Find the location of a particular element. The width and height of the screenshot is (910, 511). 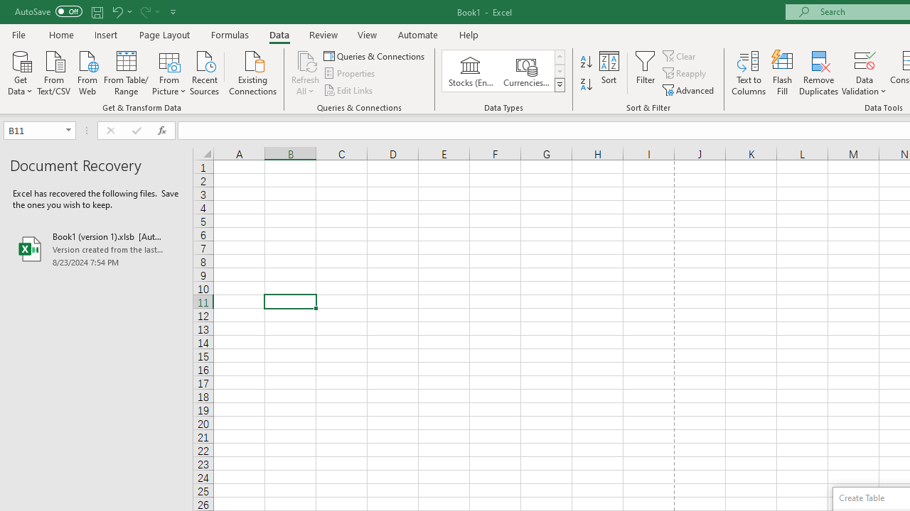

'Stocks (English)' is located at coordinates (471, 71).